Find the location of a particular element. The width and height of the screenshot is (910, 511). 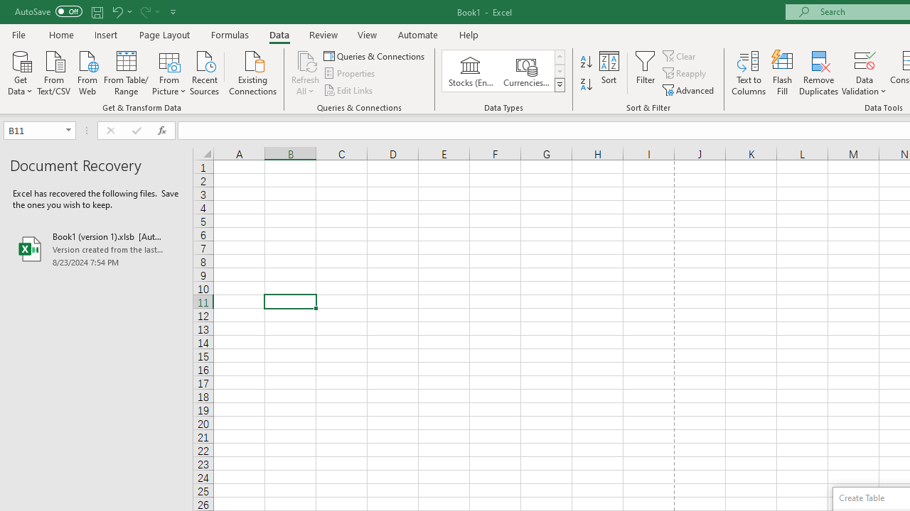

'Stocks (English)' is located at coordinates (471, 71).